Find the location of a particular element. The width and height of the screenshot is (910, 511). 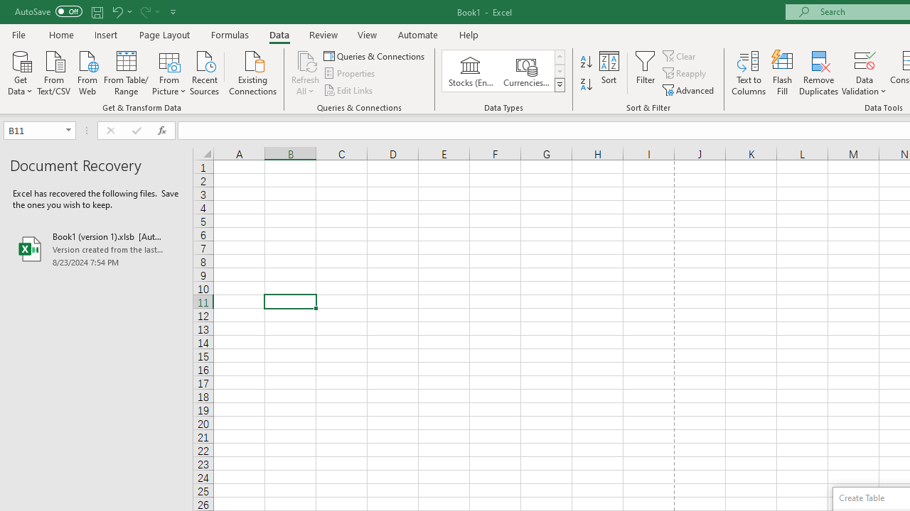

'Stocks (English)' is located at coordinates (471, 71).